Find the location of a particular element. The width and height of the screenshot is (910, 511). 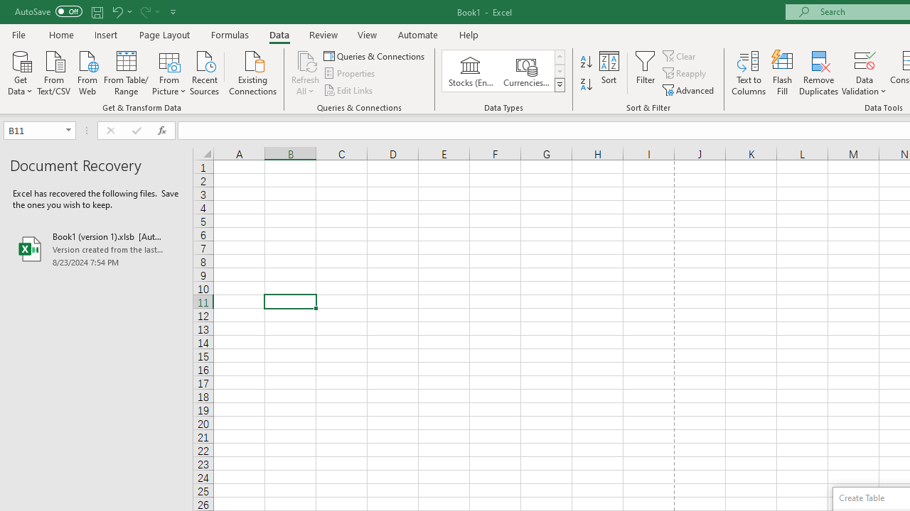

'Stocks (English)' is located at coordinates (471, 71).